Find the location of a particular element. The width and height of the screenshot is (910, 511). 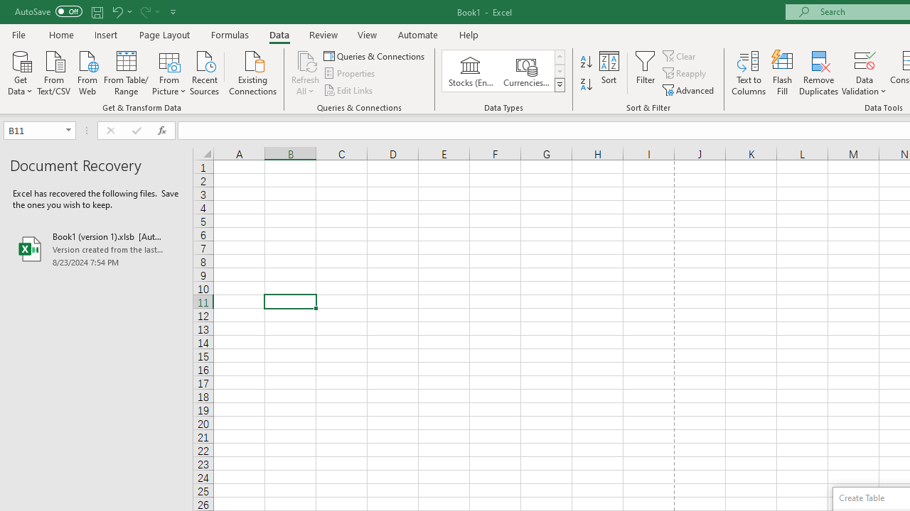

'Stocks (English)' is located at coordinates (471, 71).